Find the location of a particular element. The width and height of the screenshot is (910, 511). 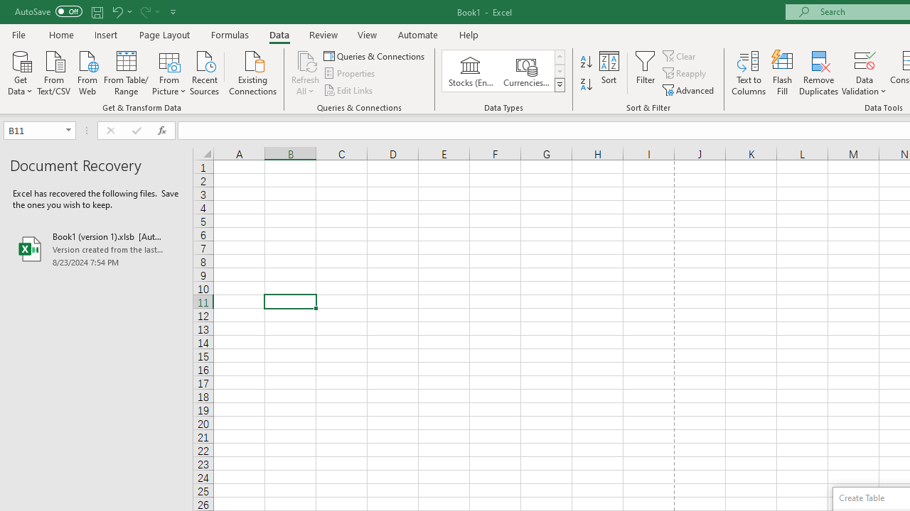

'Stocks (English)' is located at coordinates (471, 71).